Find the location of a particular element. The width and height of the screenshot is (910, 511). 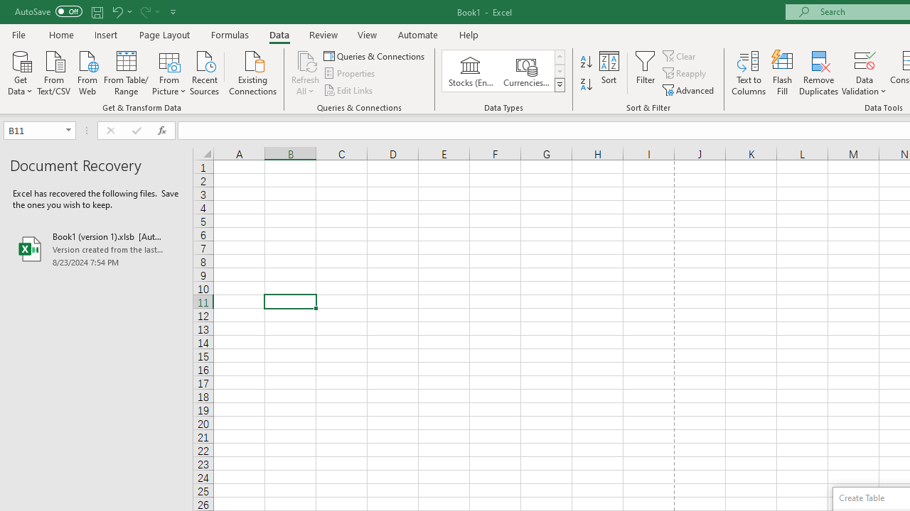

'Stocks (English)' is located at coordinates (471, 71).